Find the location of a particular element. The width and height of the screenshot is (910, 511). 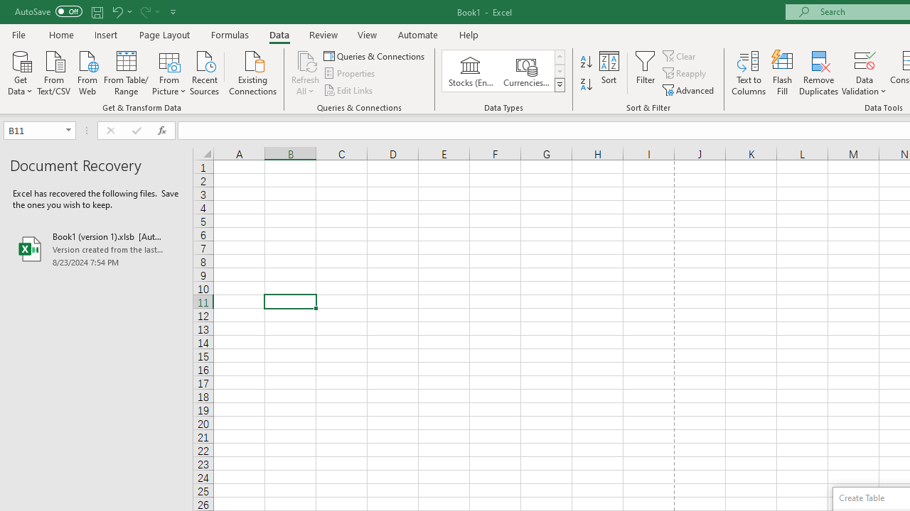

'Stocks (English)' is located at coordinates (471, 71).